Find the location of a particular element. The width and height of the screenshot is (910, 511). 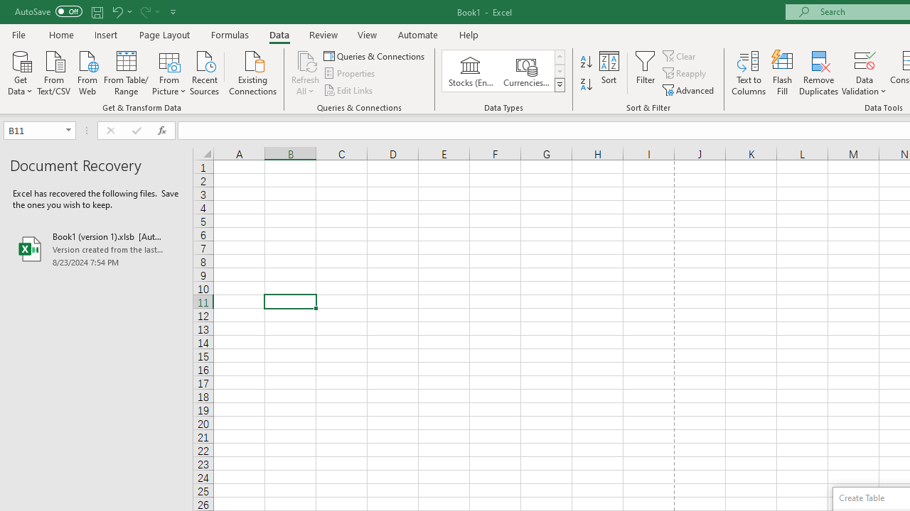

'Stocks (English)' is located at coordinates (471, 71).